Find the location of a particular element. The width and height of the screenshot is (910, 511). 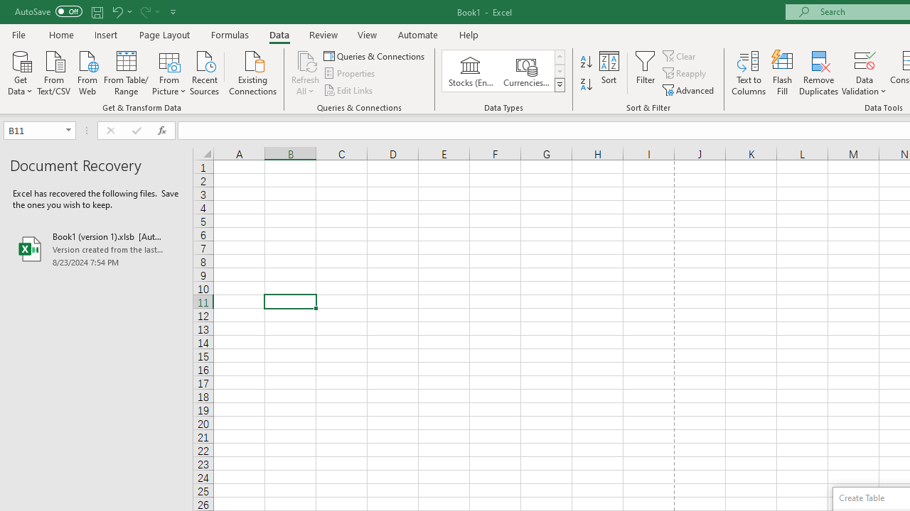

'Stocks (English)' is located at coordinates (471, 71).